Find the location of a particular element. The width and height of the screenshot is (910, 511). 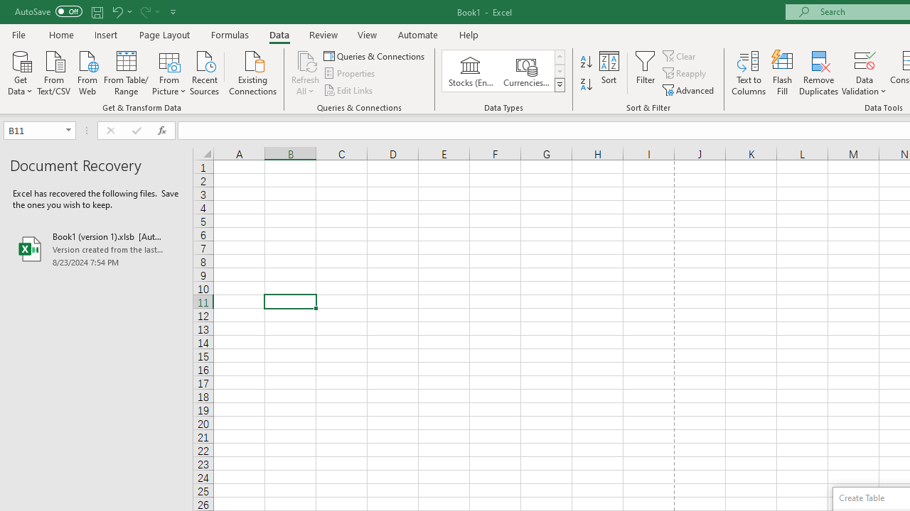

'Stocks (English)' is located at coordinates (471, 71).